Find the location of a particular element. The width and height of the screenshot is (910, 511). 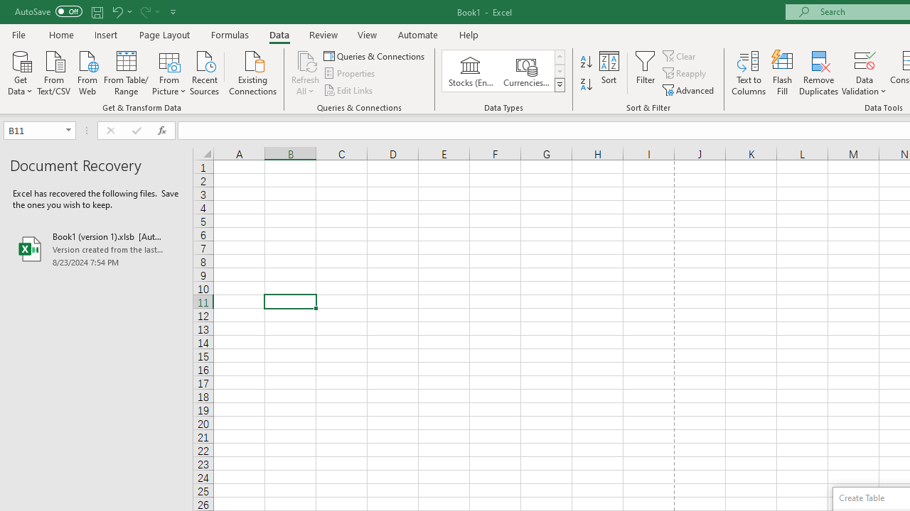

'Stocks (English)' is located at coordinates (471, 71).